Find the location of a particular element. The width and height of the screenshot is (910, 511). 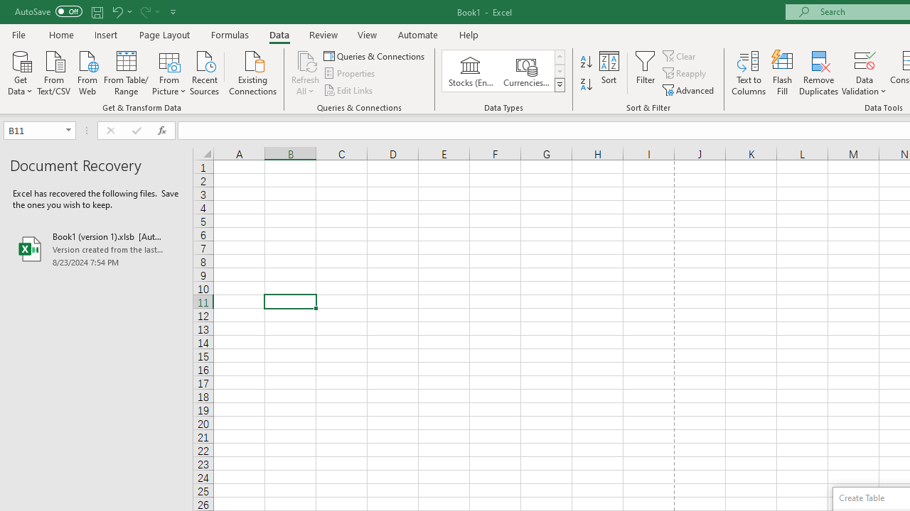

'Stocks (English)' is located at coordinates (471, 71).